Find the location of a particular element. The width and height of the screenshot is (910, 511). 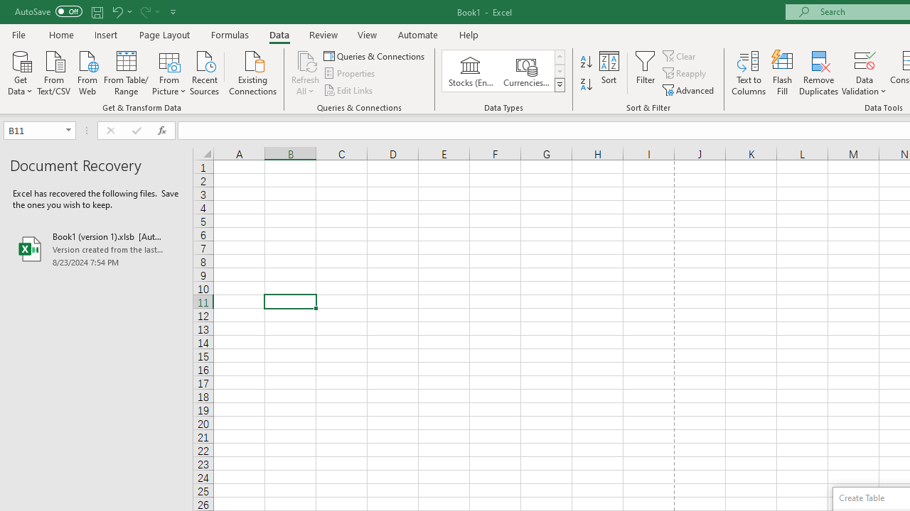

'Stocks (English)' is located at coordinates (471, 71).